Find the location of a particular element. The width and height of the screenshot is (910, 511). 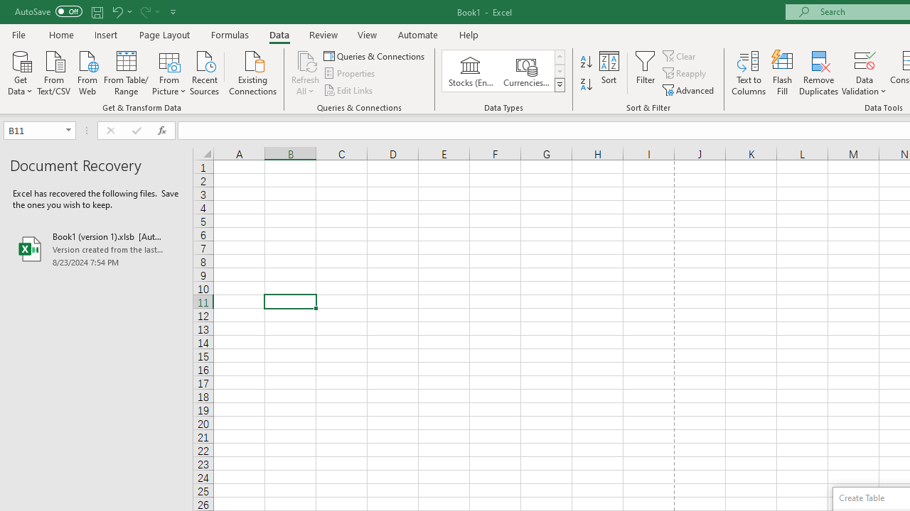

'Stocks (English)' is located at coordinates (471, 71).